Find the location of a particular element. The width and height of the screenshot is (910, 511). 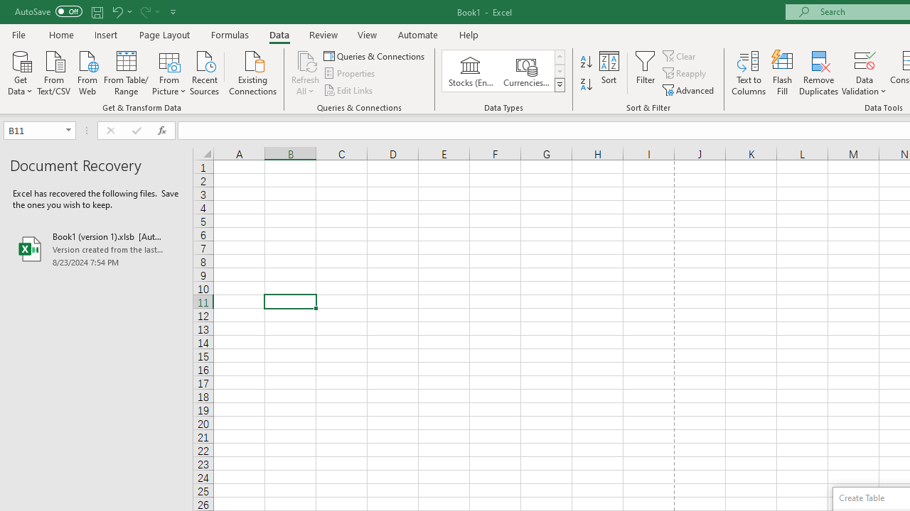

'Stocks (English)' is located at coordinates (471, 71).